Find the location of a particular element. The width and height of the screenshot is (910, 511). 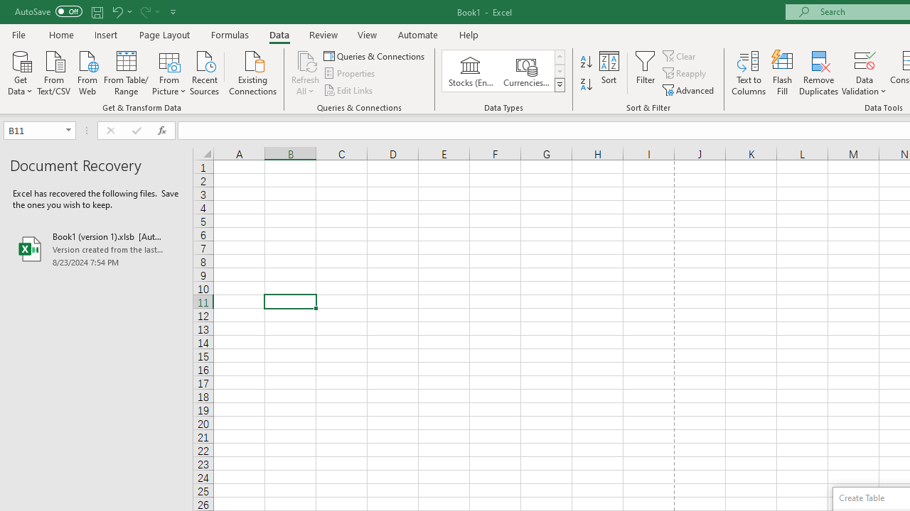

'Stocks (English)' is located at coordinates (471, 71).